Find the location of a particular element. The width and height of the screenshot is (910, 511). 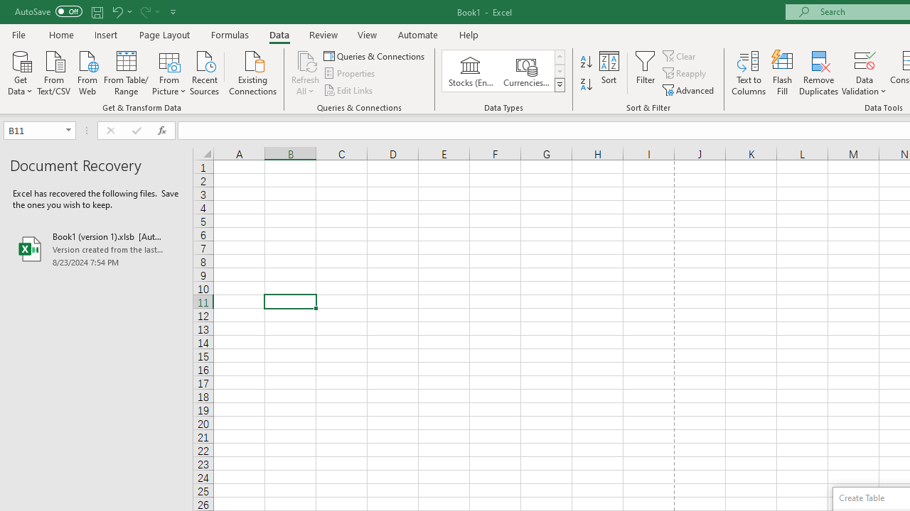

'Stocks (English)' is located at coordinates (471, 71).